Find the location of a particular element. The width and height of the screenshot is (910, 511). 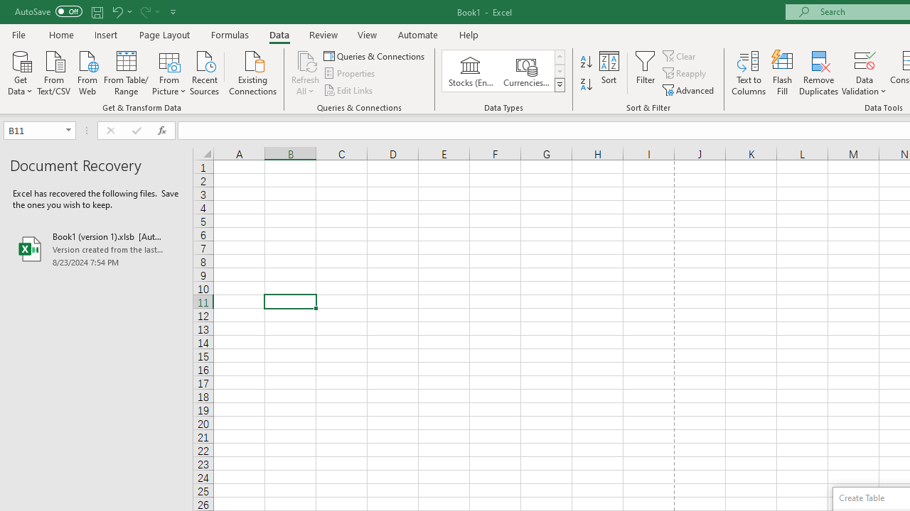

'Stocks (English)' is located at coordinates (471, 71).